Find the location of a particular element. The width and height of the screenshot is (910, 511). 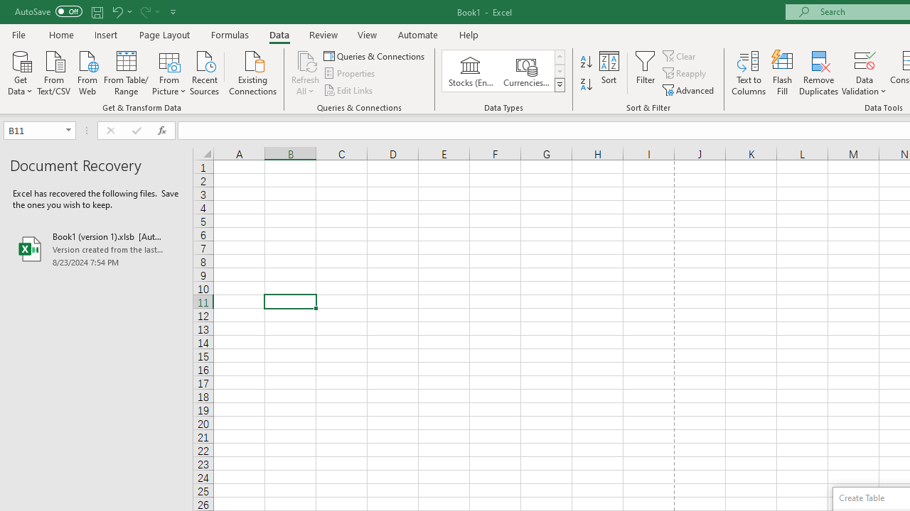

'Stocks (English)' is located at coordinates (471, 71).